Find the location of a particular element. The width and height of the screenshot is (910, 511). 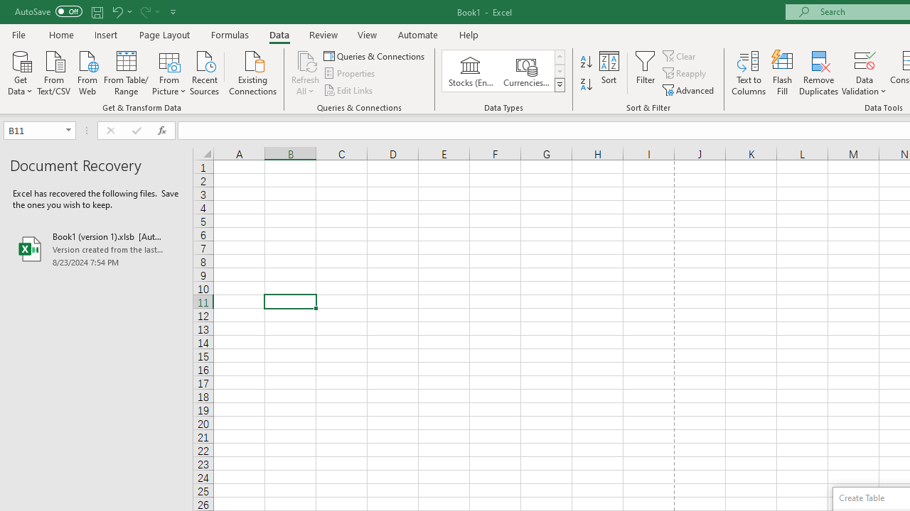

'Stocks (English)' is located at coordinates (471, 71).